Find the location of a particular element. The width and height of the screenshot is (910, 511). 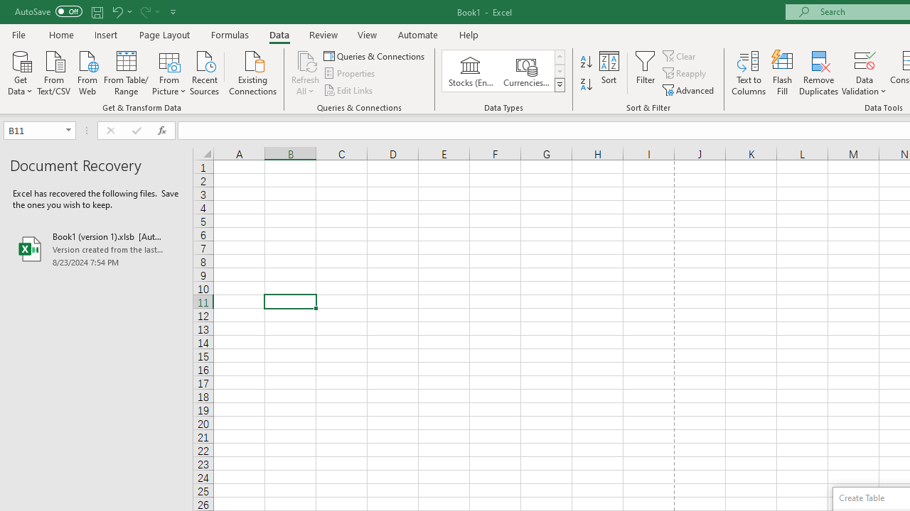

'Stocks (English)' is located at coordinates (471, 71).